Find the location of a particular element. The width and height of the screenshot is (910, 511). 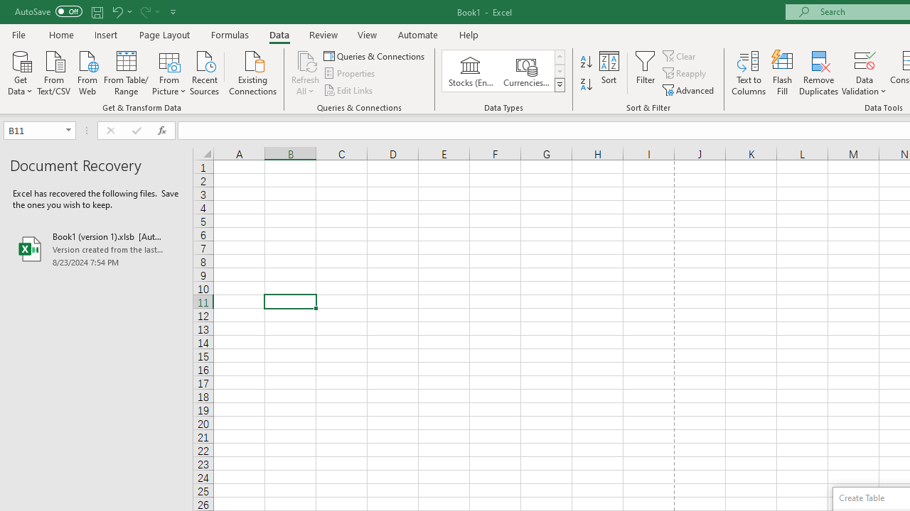

'Stocks (English)' is located at coordinates (471, 71).